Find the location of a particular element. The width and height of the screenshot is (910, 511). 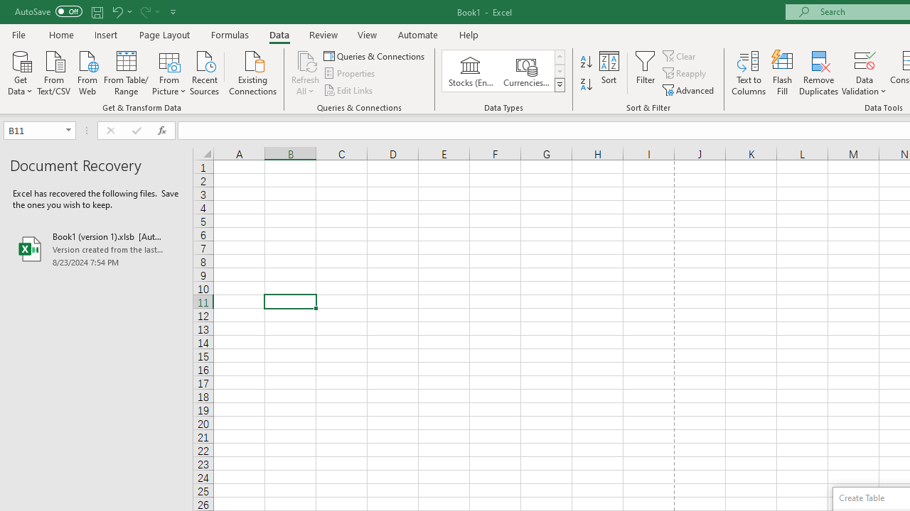

'Stocks (English)' is located at coordinates (471, 71).